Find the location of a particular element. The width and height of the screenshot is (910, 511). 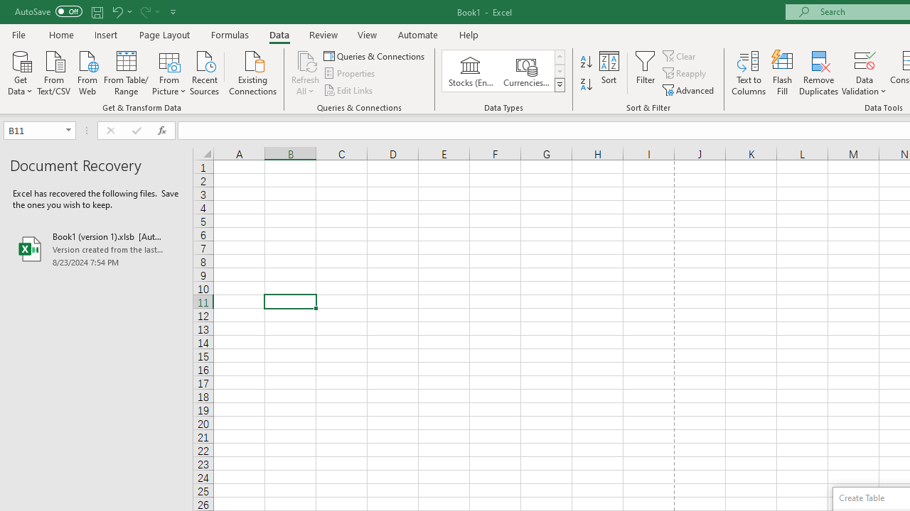

'Stocks (English)' is located at coordinates (471, 71).